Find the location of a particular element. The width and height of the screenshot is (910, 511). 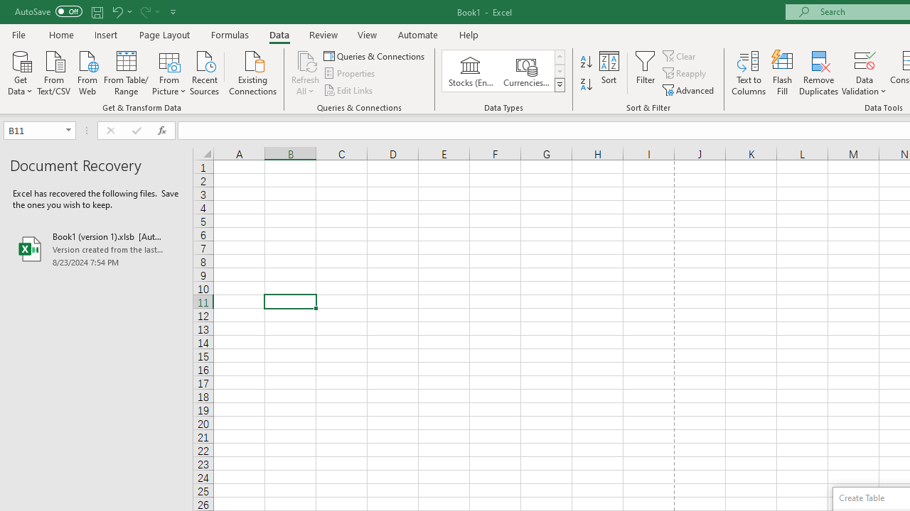

'Stocks (English)' is located at coordinates (471, 71).